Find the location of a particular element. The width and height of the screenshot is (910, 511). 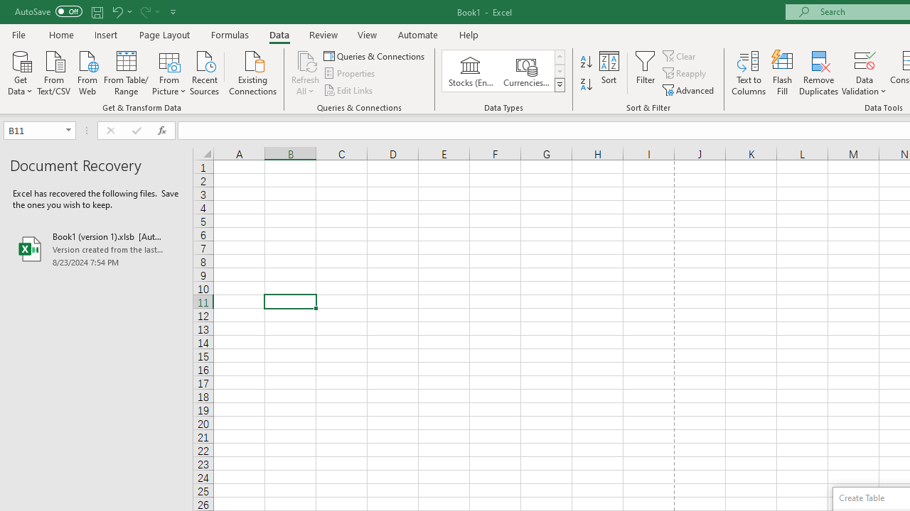

'Stocks (English)' is located at coordinates (471, 71).